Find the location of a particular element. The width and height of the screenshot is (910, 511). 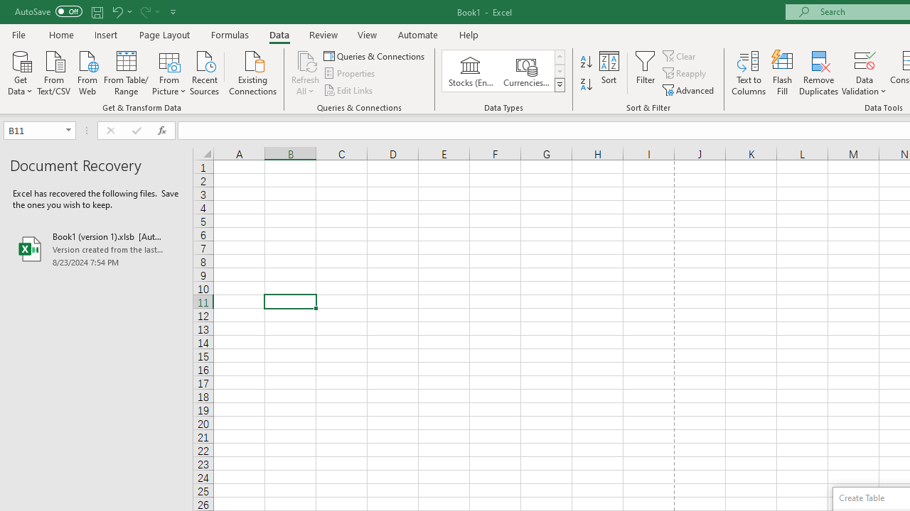

'Stocks (English)' is located at coordinates (471, 71).